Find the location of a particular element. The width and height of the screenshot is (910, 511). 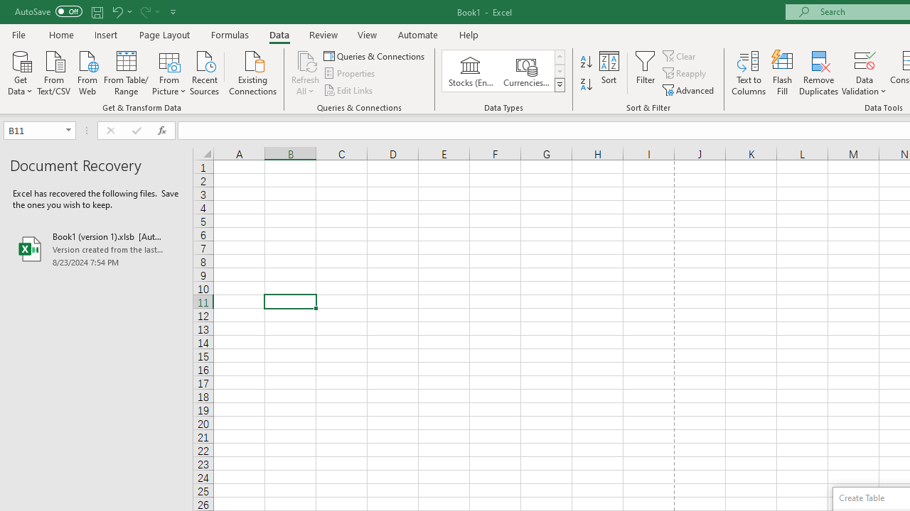

'Stocks (English)' is located at coordinates (471, 71).